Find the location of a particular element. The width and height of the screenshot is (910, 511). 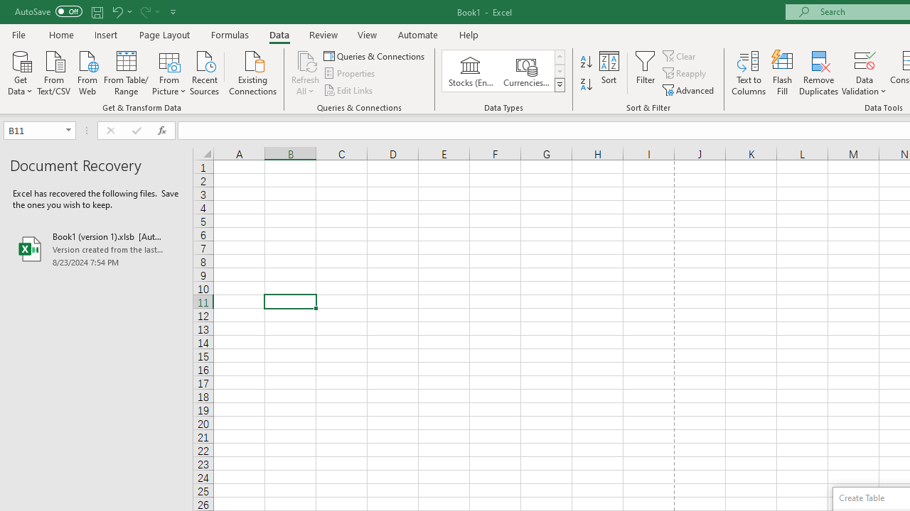

'Stocks (English)' is located at coordinates (471, 71).